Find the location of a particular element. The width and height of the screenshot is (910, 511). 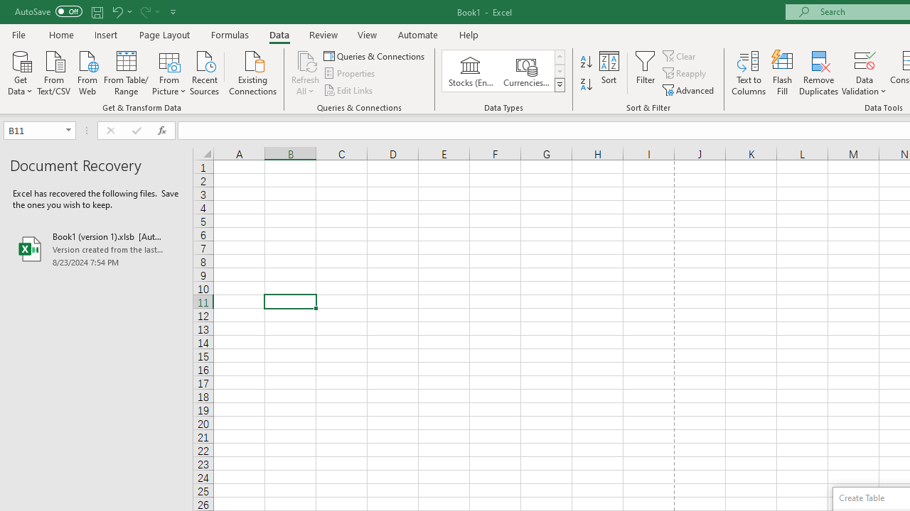

'Stocks (English)' is located at coordinates (471, 71).